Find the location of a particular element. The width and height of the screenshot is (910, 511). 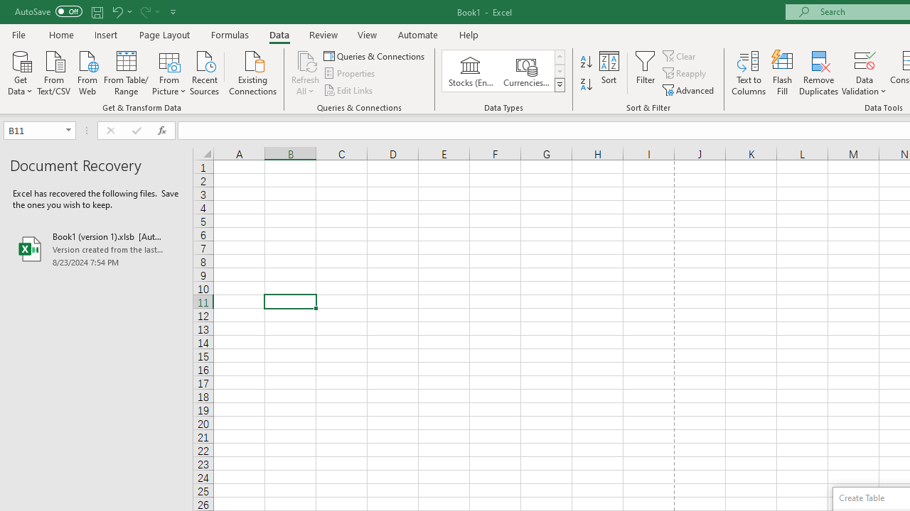

'Stocks (English)' is located at coordinates (471, 71).